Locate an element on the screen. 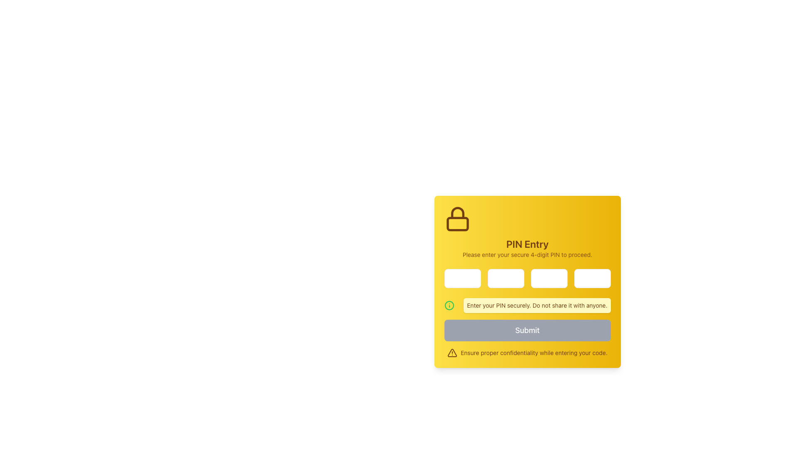 Image resolution: width=799 pixels, height=449 pixels. the 'PIN Entry' text label, which is displayed in a bold, dark yellow font and positioned below the lock graphic icon is located at coordinates (527, 243).